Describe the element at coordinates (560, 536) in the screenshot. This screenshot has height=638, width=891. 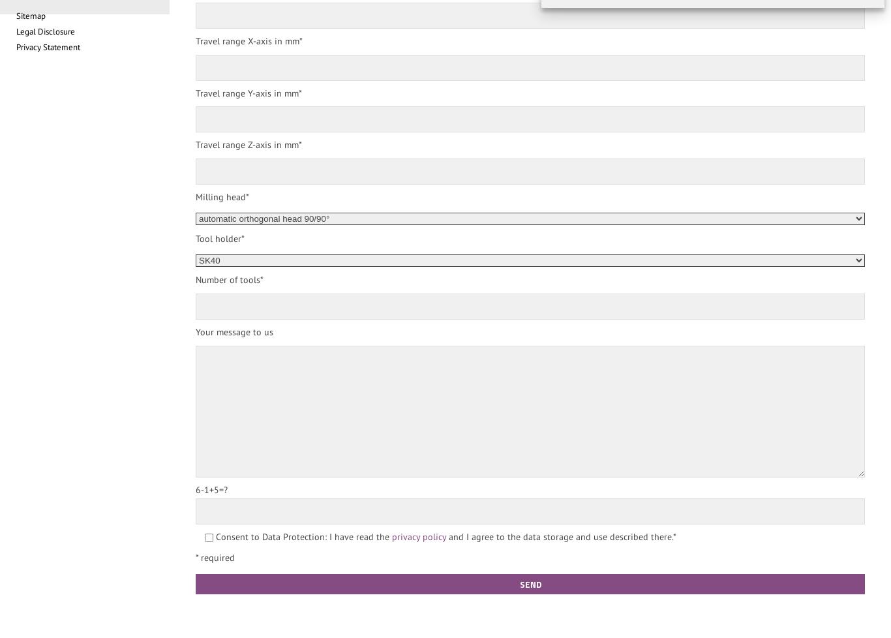
I see `'and I agree to the data storage and use described there.*'` at that location.